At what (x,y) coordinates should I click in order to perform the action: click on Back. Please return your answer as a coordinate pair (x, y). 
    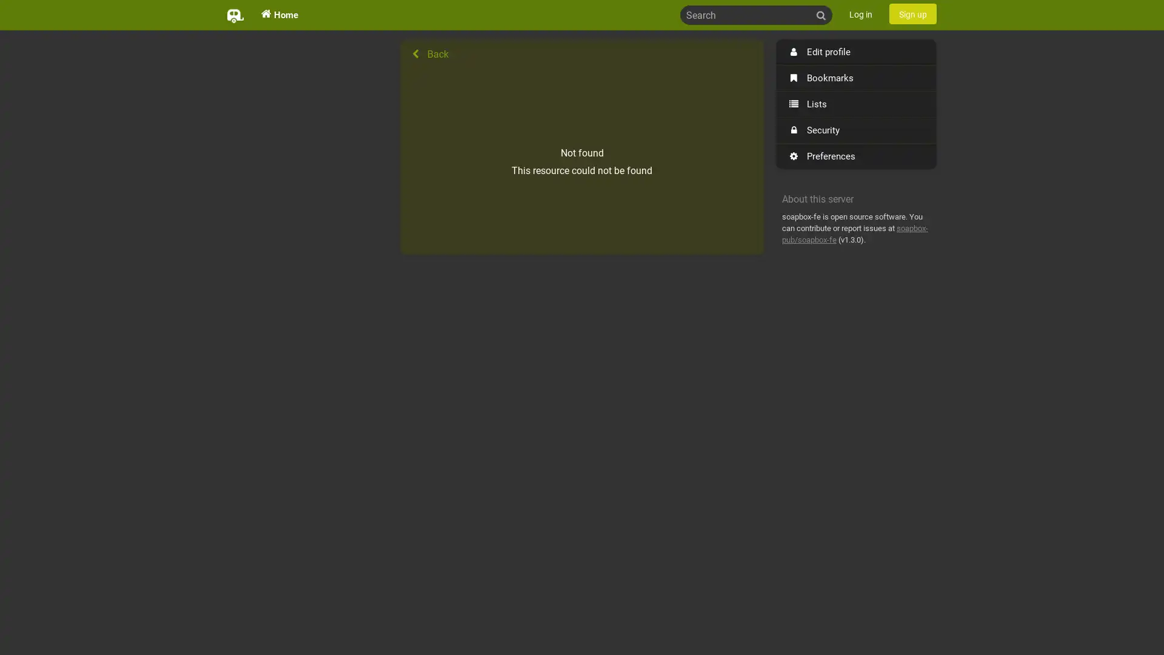
    Looking at the image, I should click on (582, 53).